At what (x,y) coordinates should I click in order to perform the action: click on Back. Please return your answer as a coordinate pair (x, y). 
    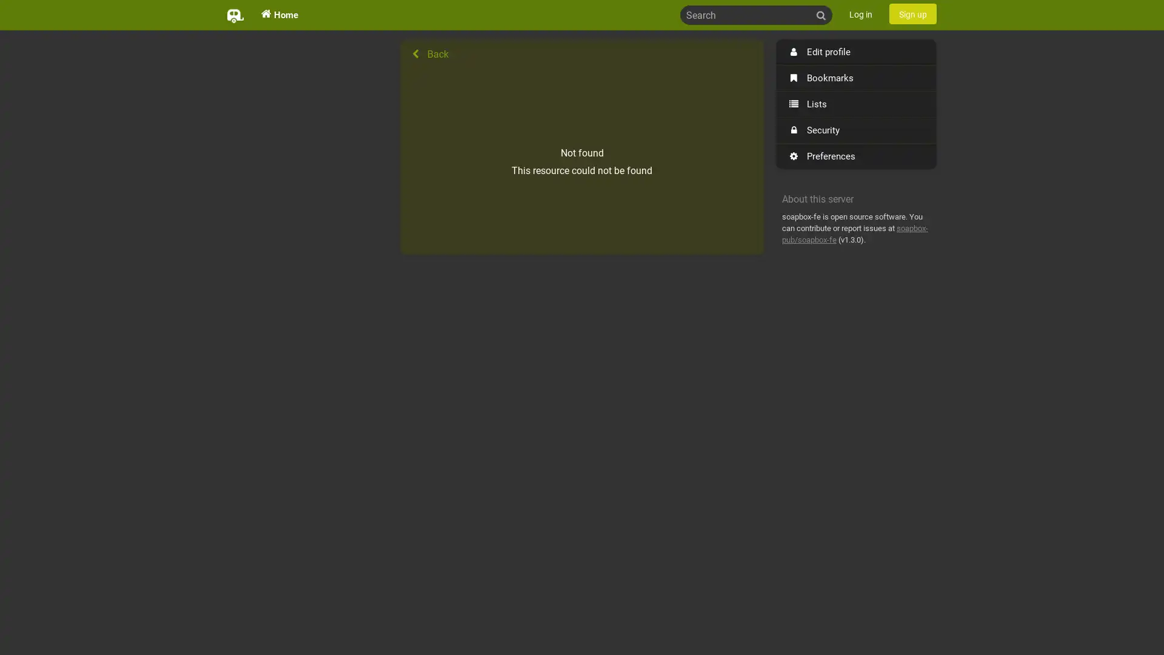
    Looking at the image, I should click on (582, 53).